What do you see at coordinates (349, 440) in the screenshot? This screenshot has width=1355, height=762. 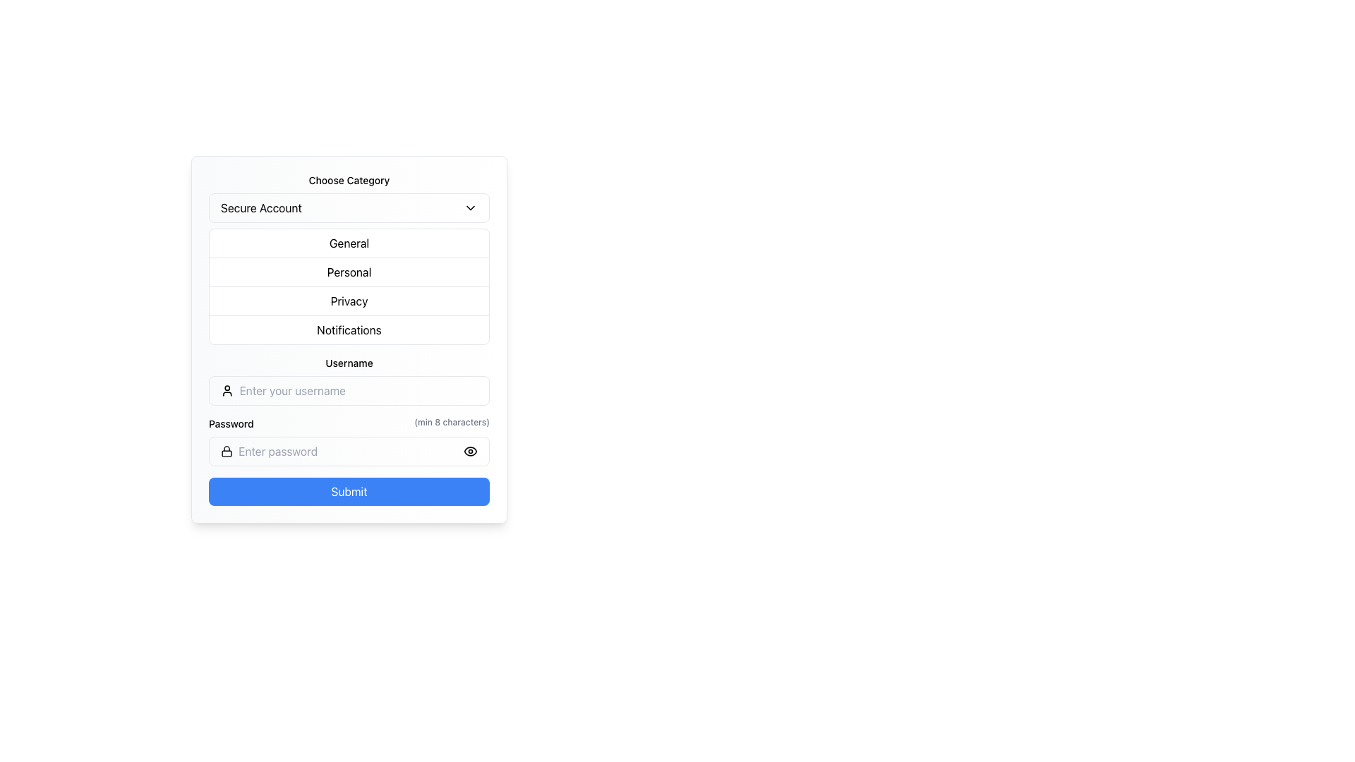 I see `the visibility toggle control of the Password input field` at bounding box center [349, 440].